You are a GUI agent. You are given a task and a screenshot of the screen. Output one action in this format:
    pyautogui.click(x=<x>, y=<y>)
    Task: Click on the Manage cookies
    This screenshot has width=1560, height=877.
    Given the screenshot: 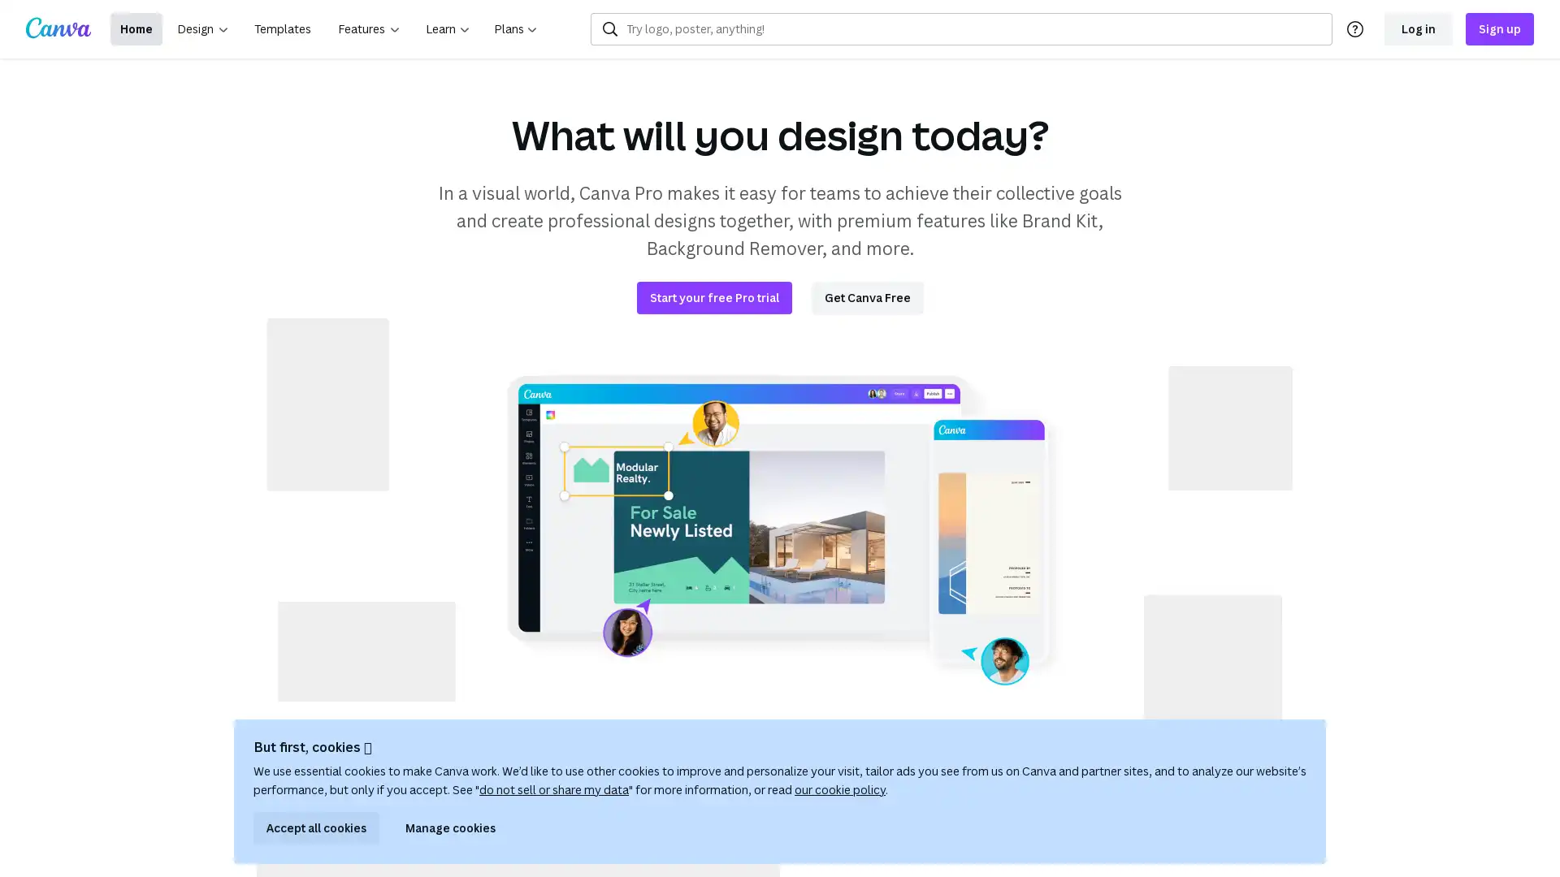 What is the action you would take?
    pyautogui.click(x=450, y=827)
    